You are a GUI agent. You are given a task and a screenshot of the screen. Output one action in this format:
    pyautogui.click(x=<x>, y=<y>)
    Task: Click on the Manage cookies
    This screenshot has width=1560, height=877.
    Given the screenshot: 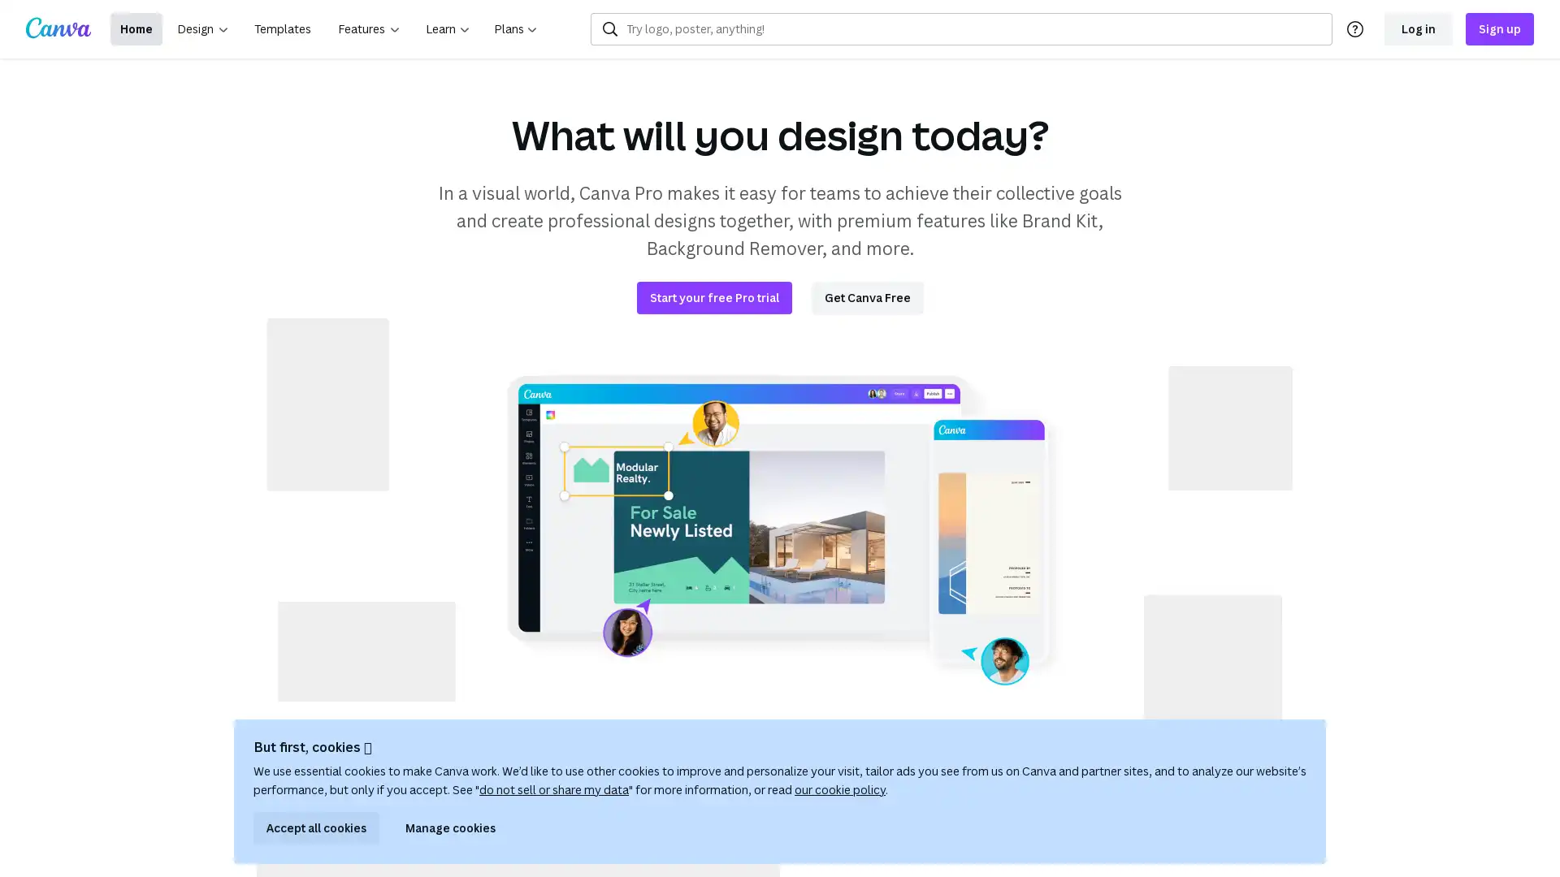 What is the action you would take?
    pyautogui.click(x=450, y=827)
    